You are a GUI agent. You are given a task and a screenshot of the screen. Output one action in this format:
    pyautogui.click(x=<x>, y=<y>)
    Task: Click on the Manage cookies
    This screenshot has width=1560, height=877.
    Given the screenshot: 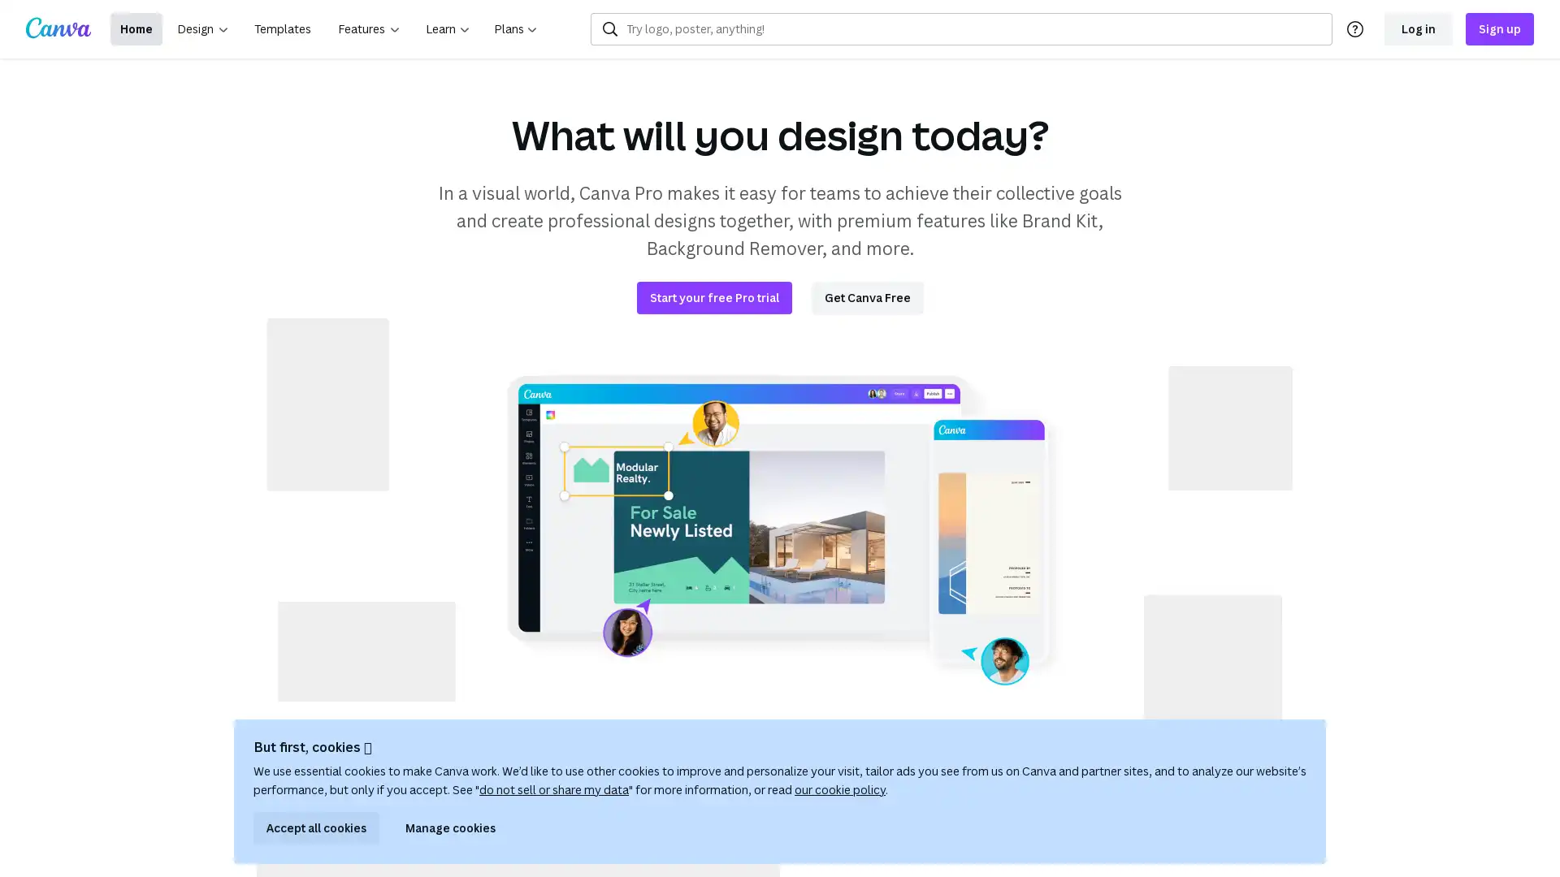 What is the action you would take?
    pyautogui.click(x=450, y=827)
    